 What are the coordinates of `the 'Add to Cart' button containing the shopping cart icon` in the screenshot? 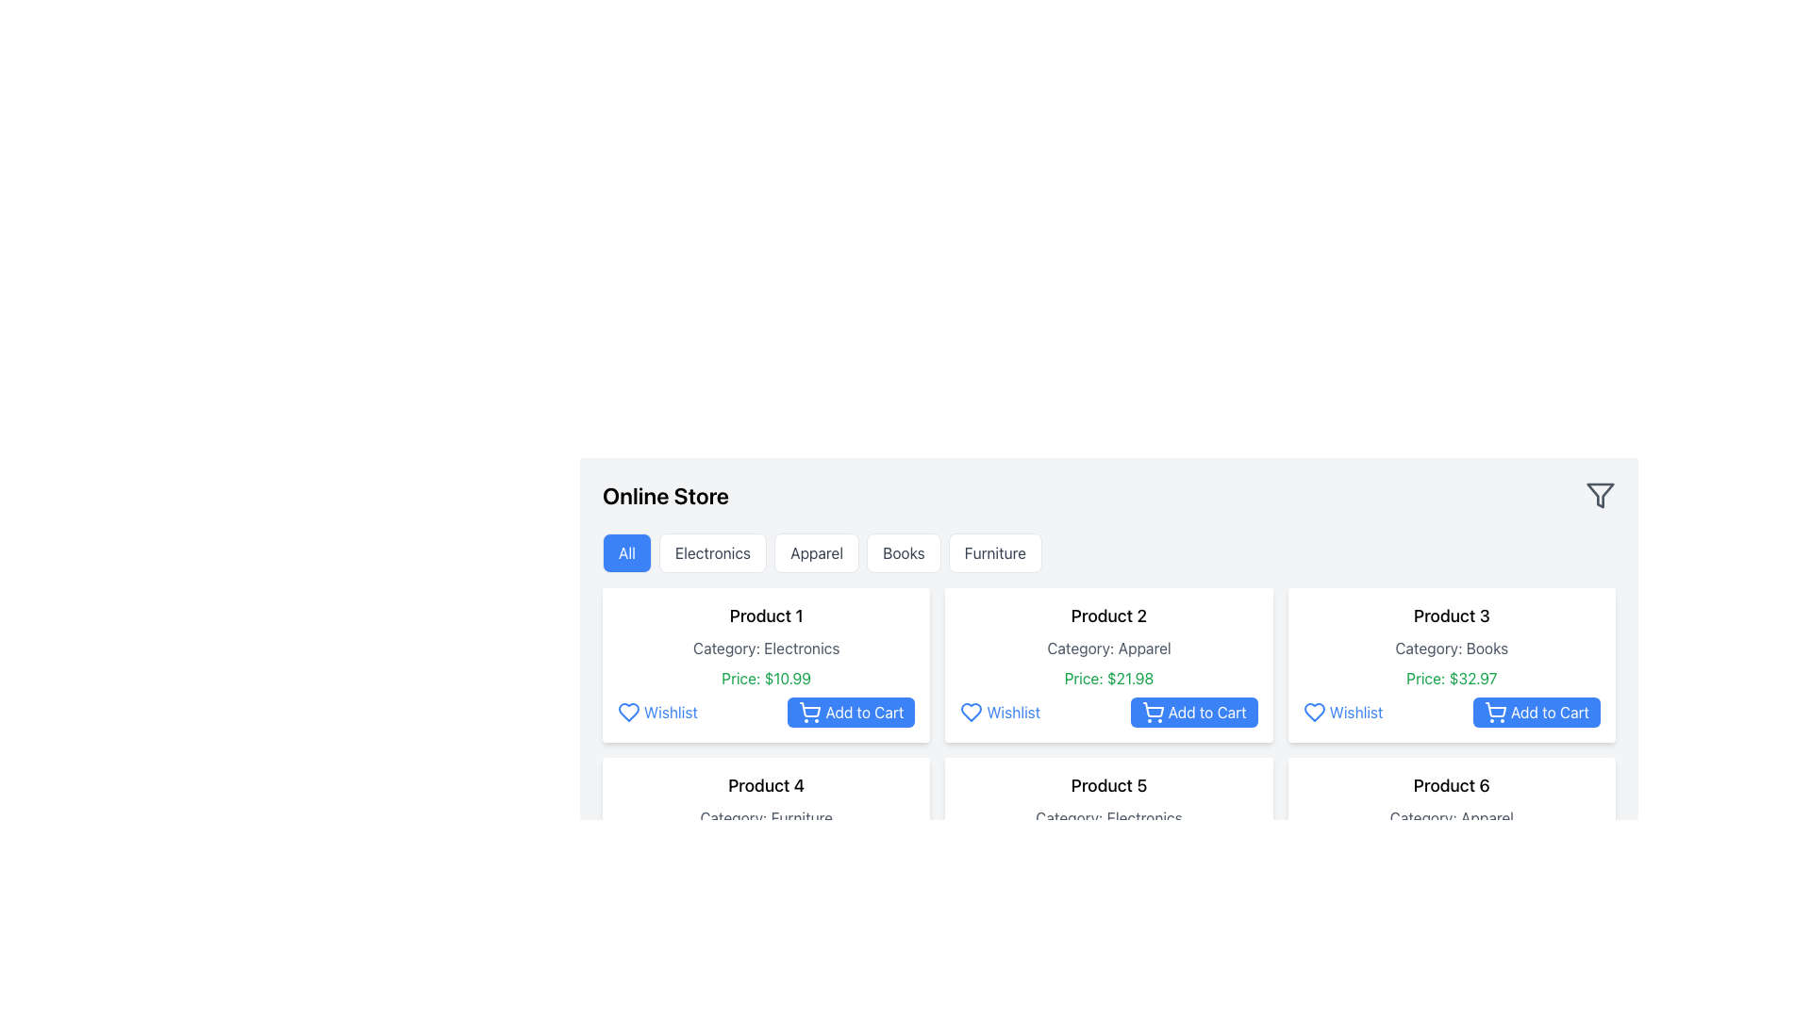 It's located at (1152, 710).